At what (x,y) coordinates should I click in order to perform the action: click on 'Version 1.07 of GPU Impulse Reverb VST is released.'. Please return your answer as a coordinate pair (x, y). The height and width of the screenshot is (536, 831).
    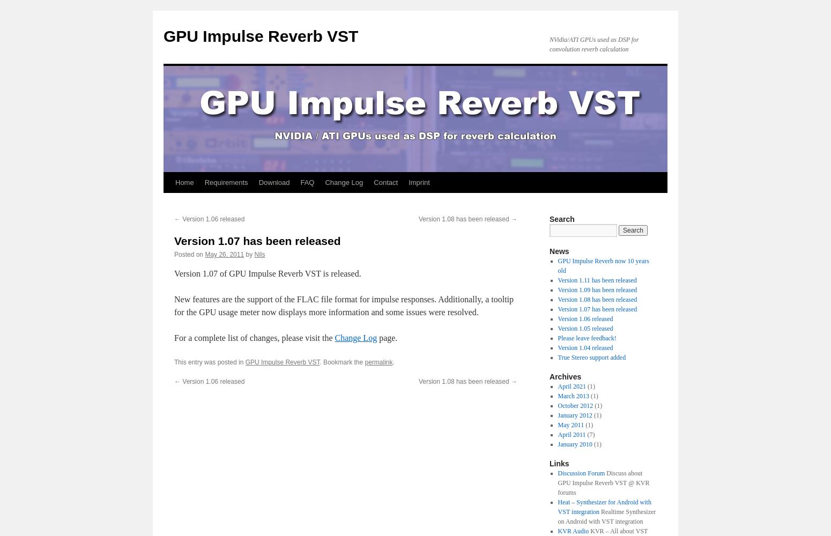
    Looking at the image, I should click on (266, 273).